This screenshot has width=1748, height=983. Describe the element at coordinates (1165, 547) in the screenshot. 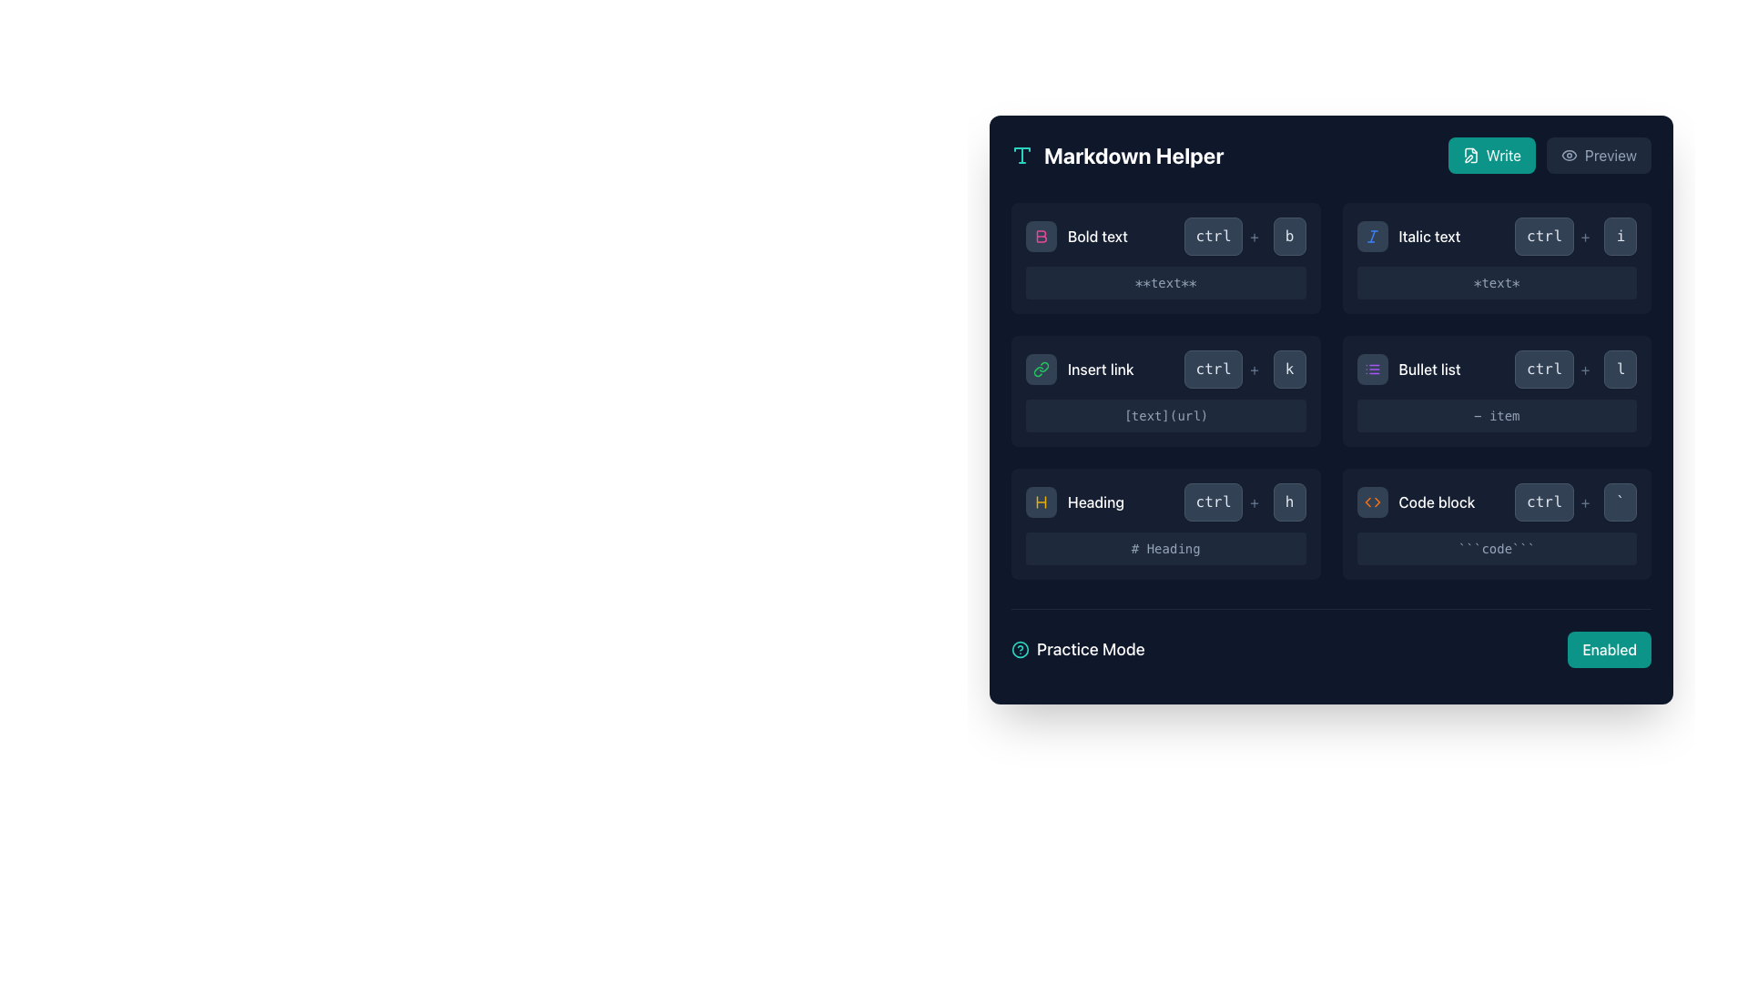

I see `the Static Label displaying '# Heading' located at the bottom of the 'Heading' block in the Markdown Helper interface` at that location.